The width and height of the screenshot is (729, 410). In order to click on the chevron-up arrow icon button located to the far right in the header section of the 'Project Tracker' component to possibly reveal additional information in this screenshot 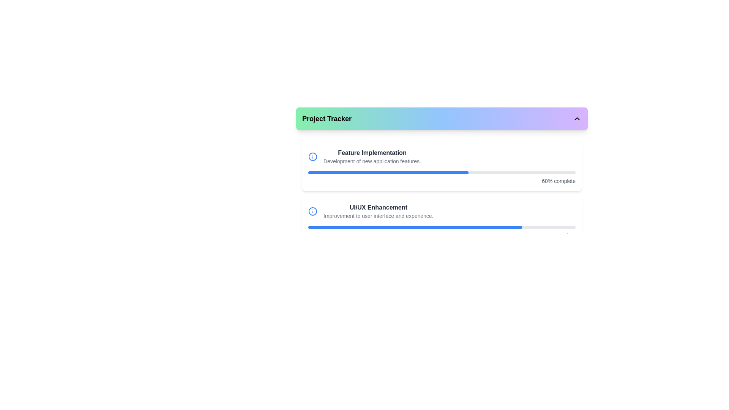, I will do `click(577, 118)`.